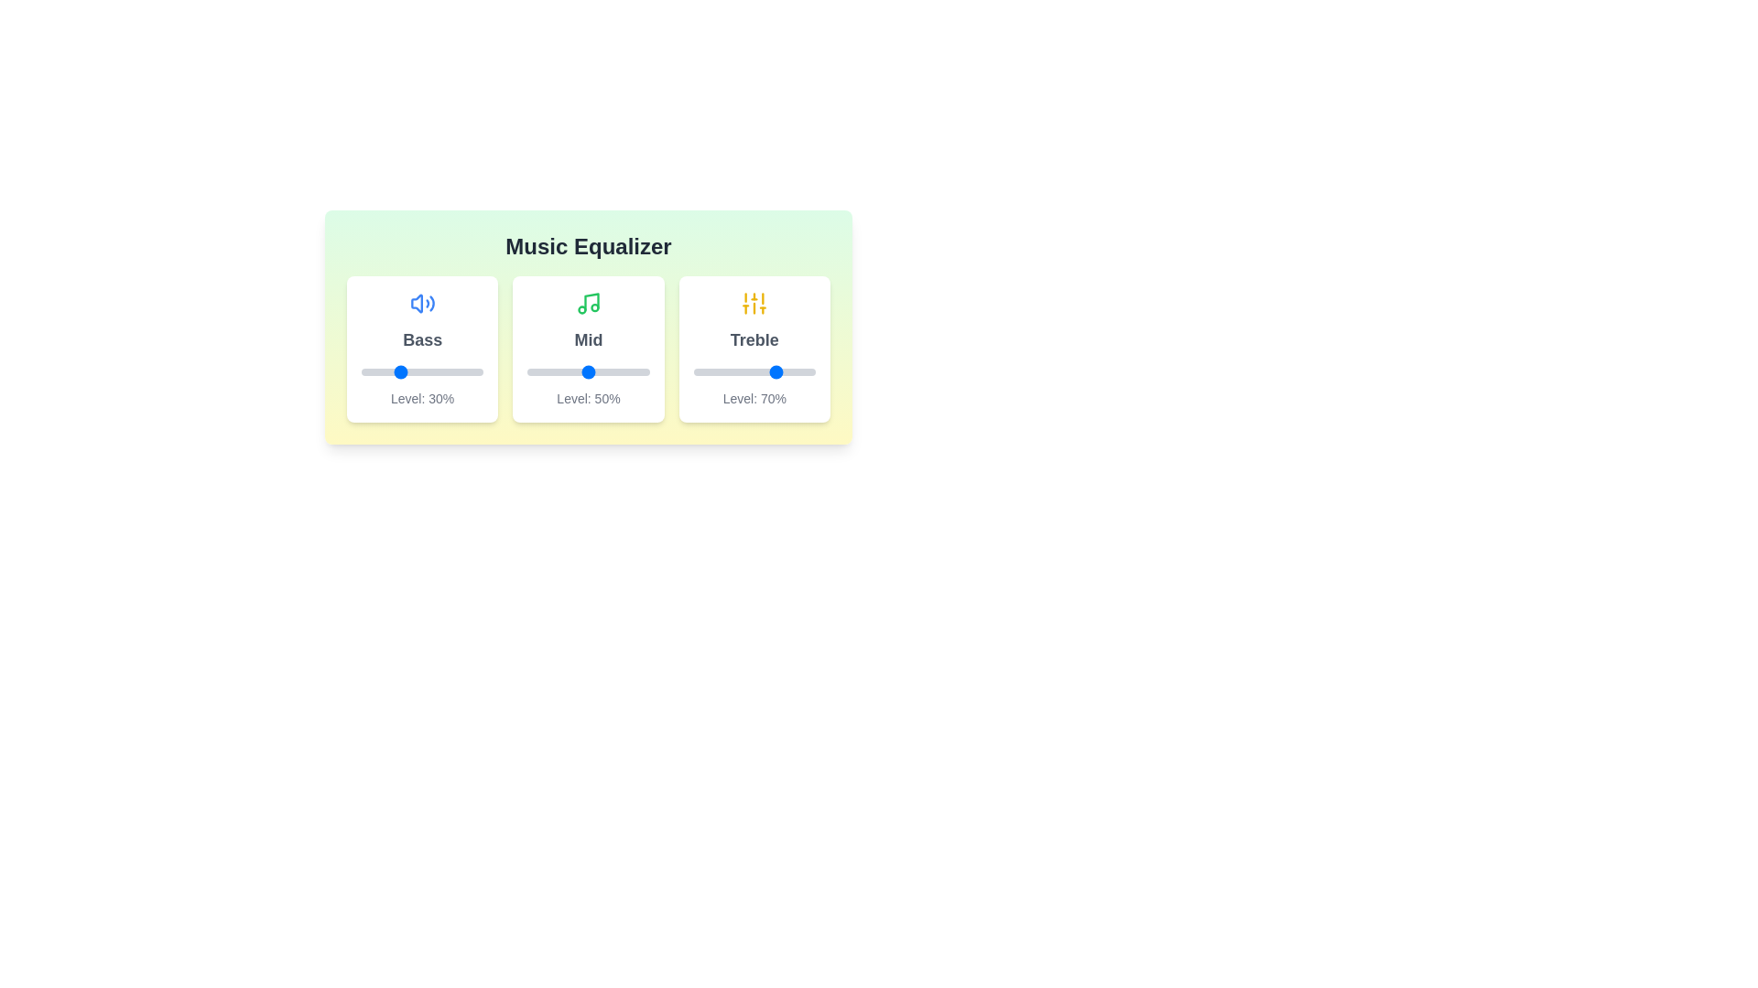 This screenshot has width=1758, height=988. Describe the element at coordinates (615, 371) in the screenshot. I see `the 'Mid' slider to 72%` at that location.